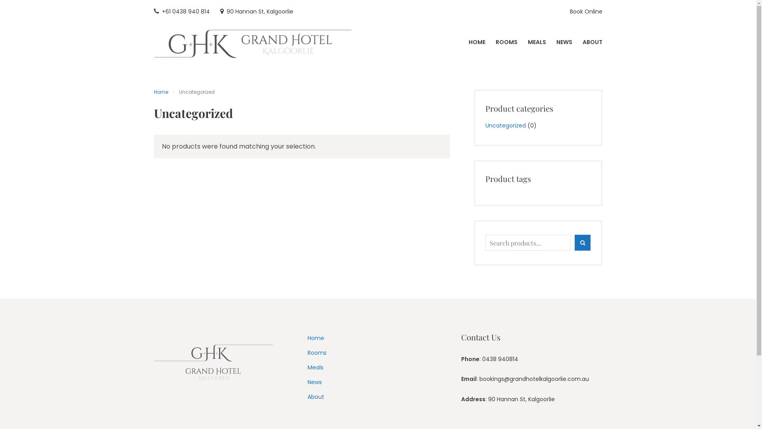 This screenshot has height=429, width=762. What do you see at coordinates (468, 42) in the screenshot?
I see `'HOME'` at bounding box center [468, 42].